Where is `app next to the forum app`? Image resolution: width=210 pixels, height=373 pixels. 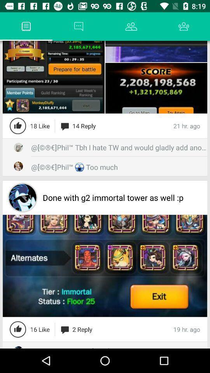 app next to the forum app is located at coordinates (14, 26).